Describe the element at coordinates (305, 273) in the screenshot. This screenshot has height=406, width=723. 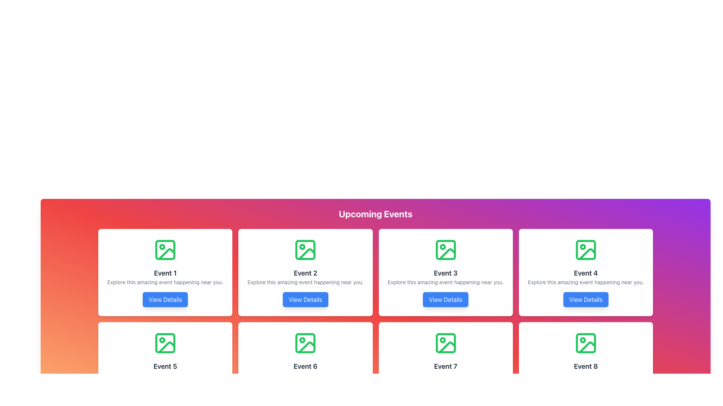
I see `event information text from the second card component in the grid layout, which contains an image and a button for more details` at that location.